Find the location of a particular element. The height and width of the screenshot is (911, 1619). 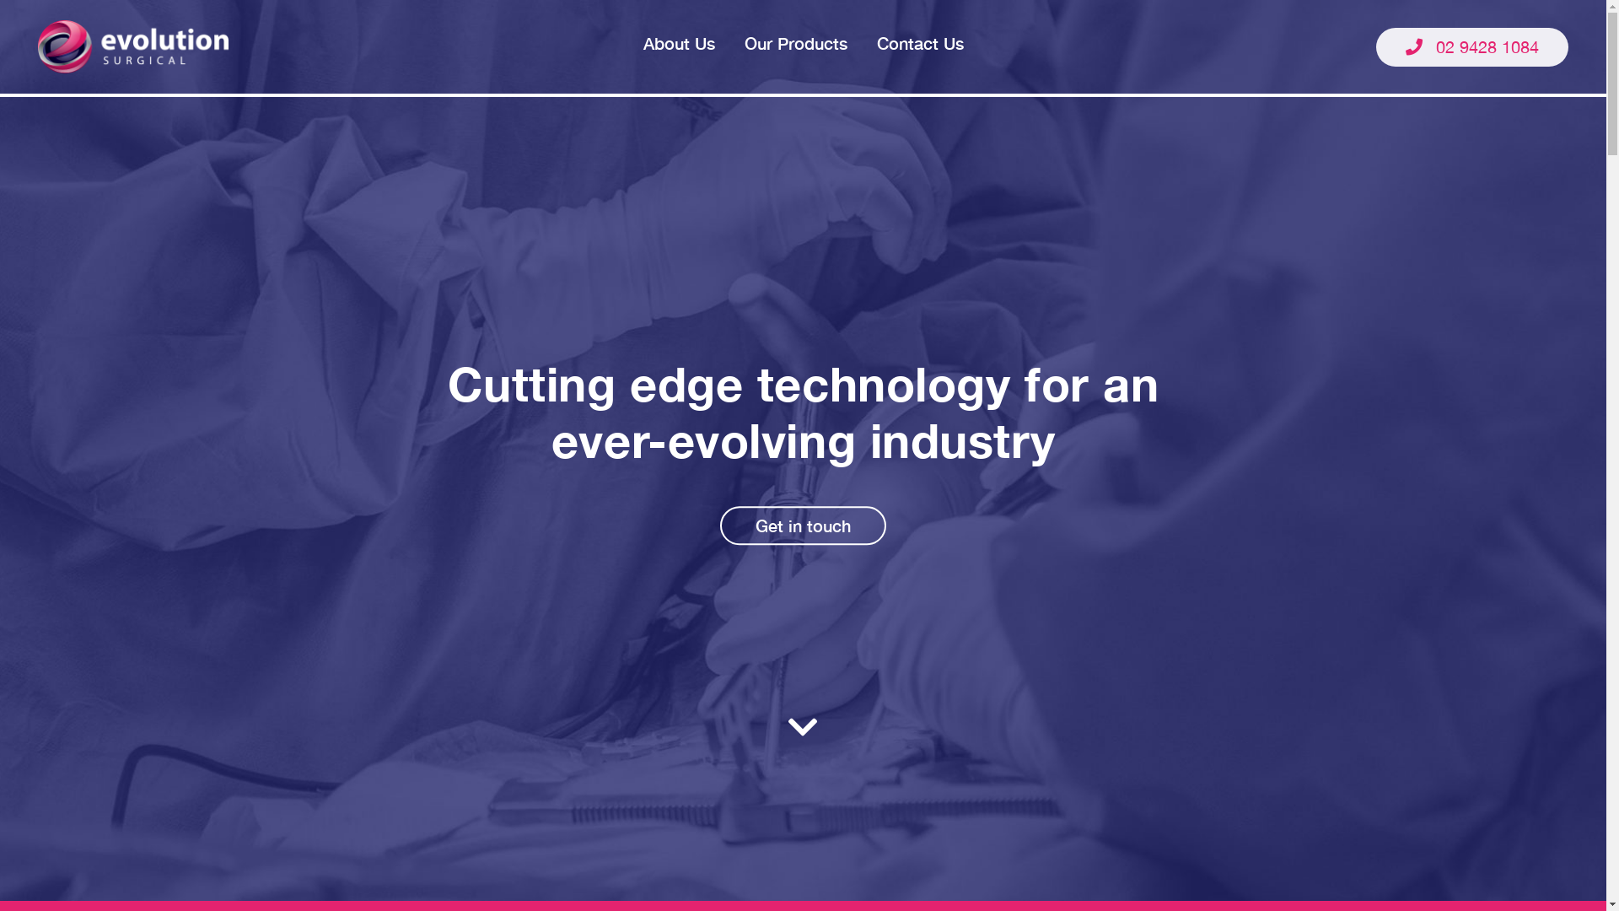

'02 9428 1084' is located at coordinates (1471, 45).